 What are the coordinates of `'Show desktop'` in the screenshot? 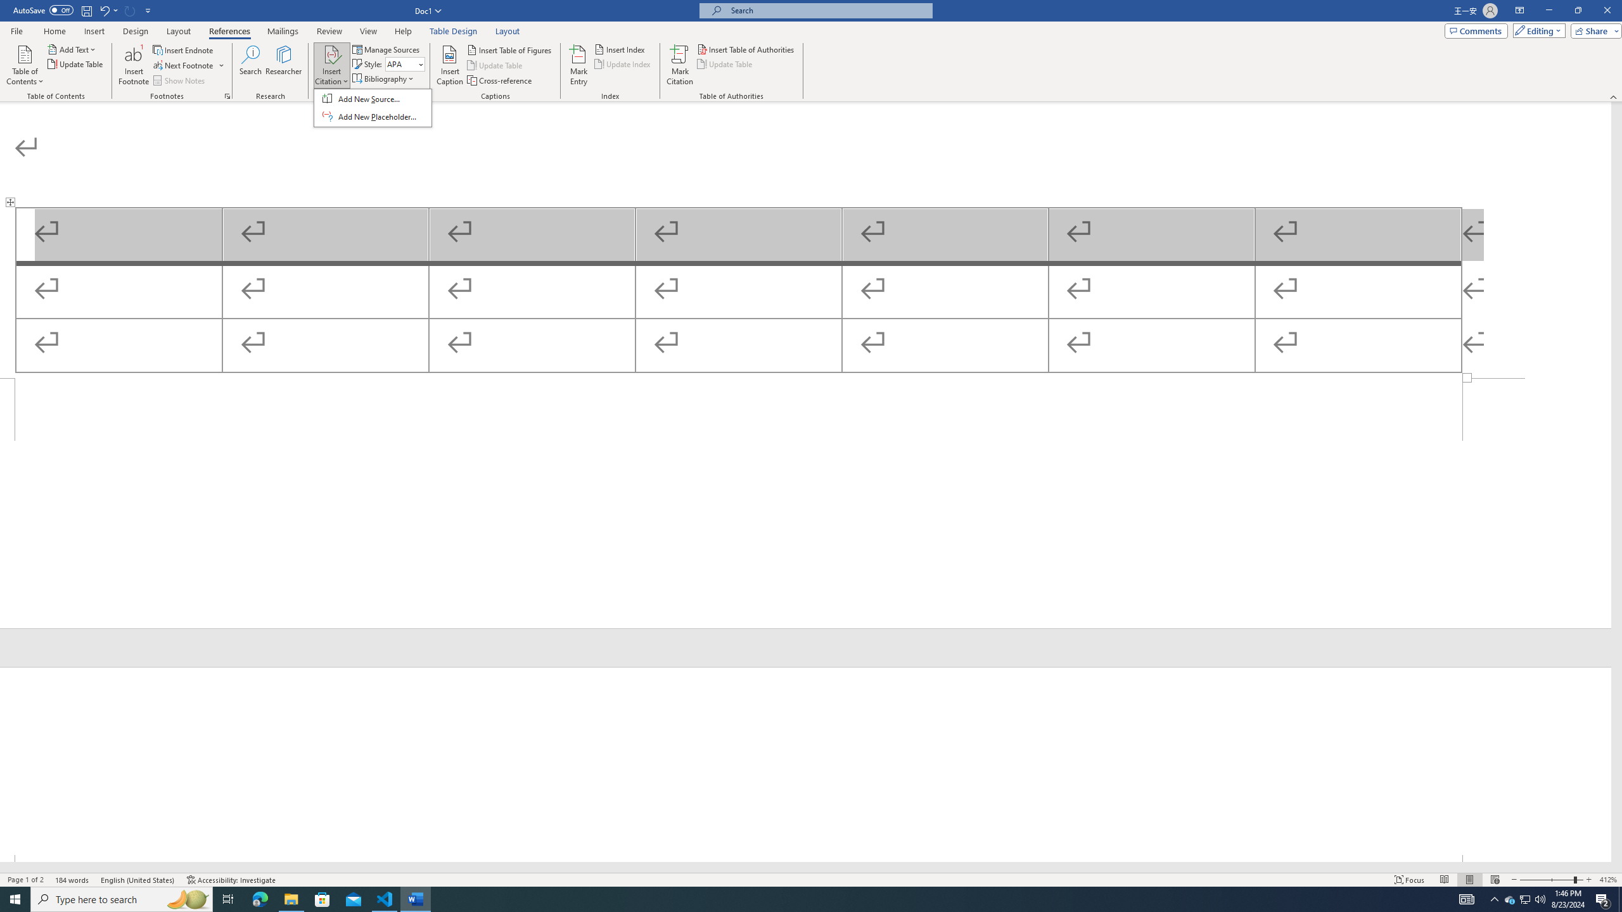 It's located at (1619, 898).